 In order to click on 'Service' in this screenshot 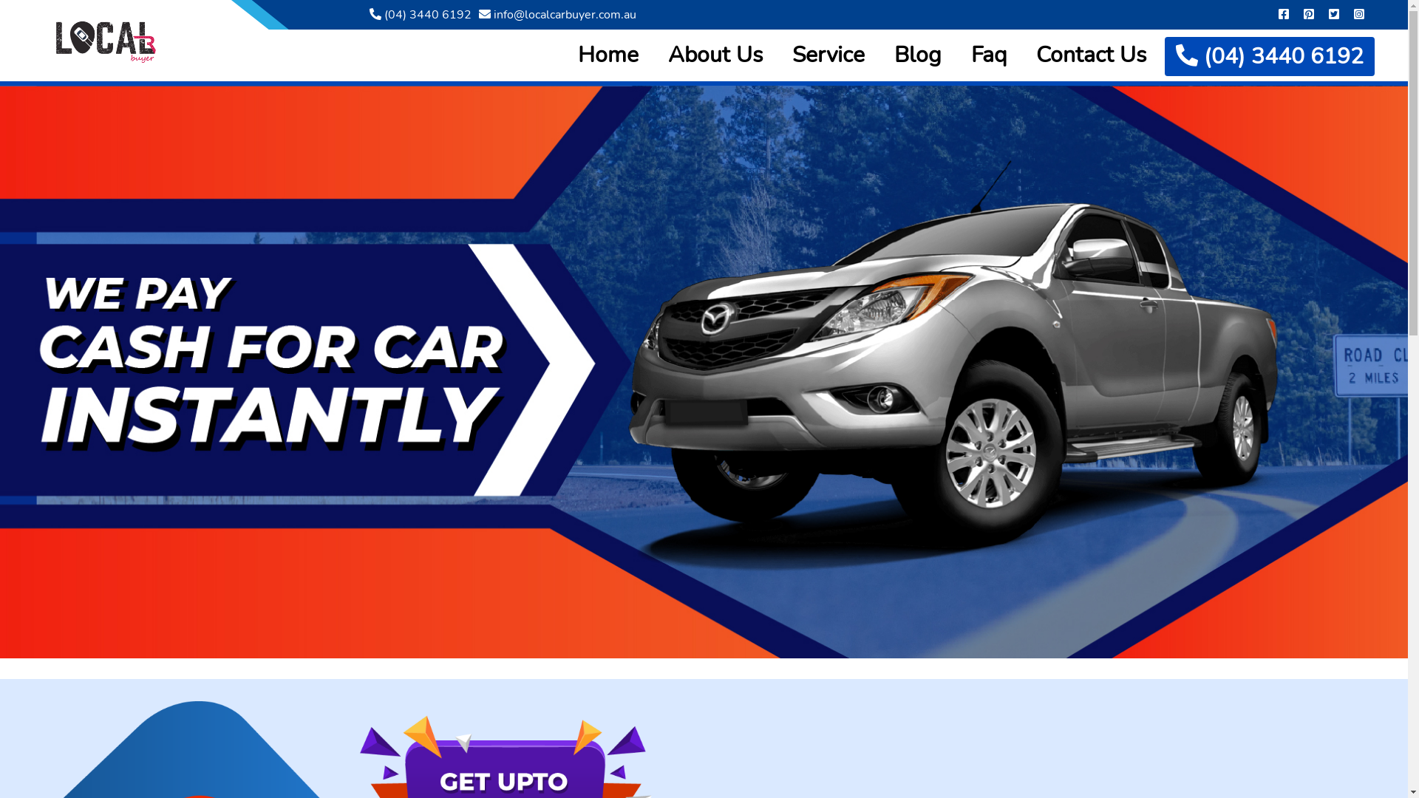, I will do `click(828, 54)`.